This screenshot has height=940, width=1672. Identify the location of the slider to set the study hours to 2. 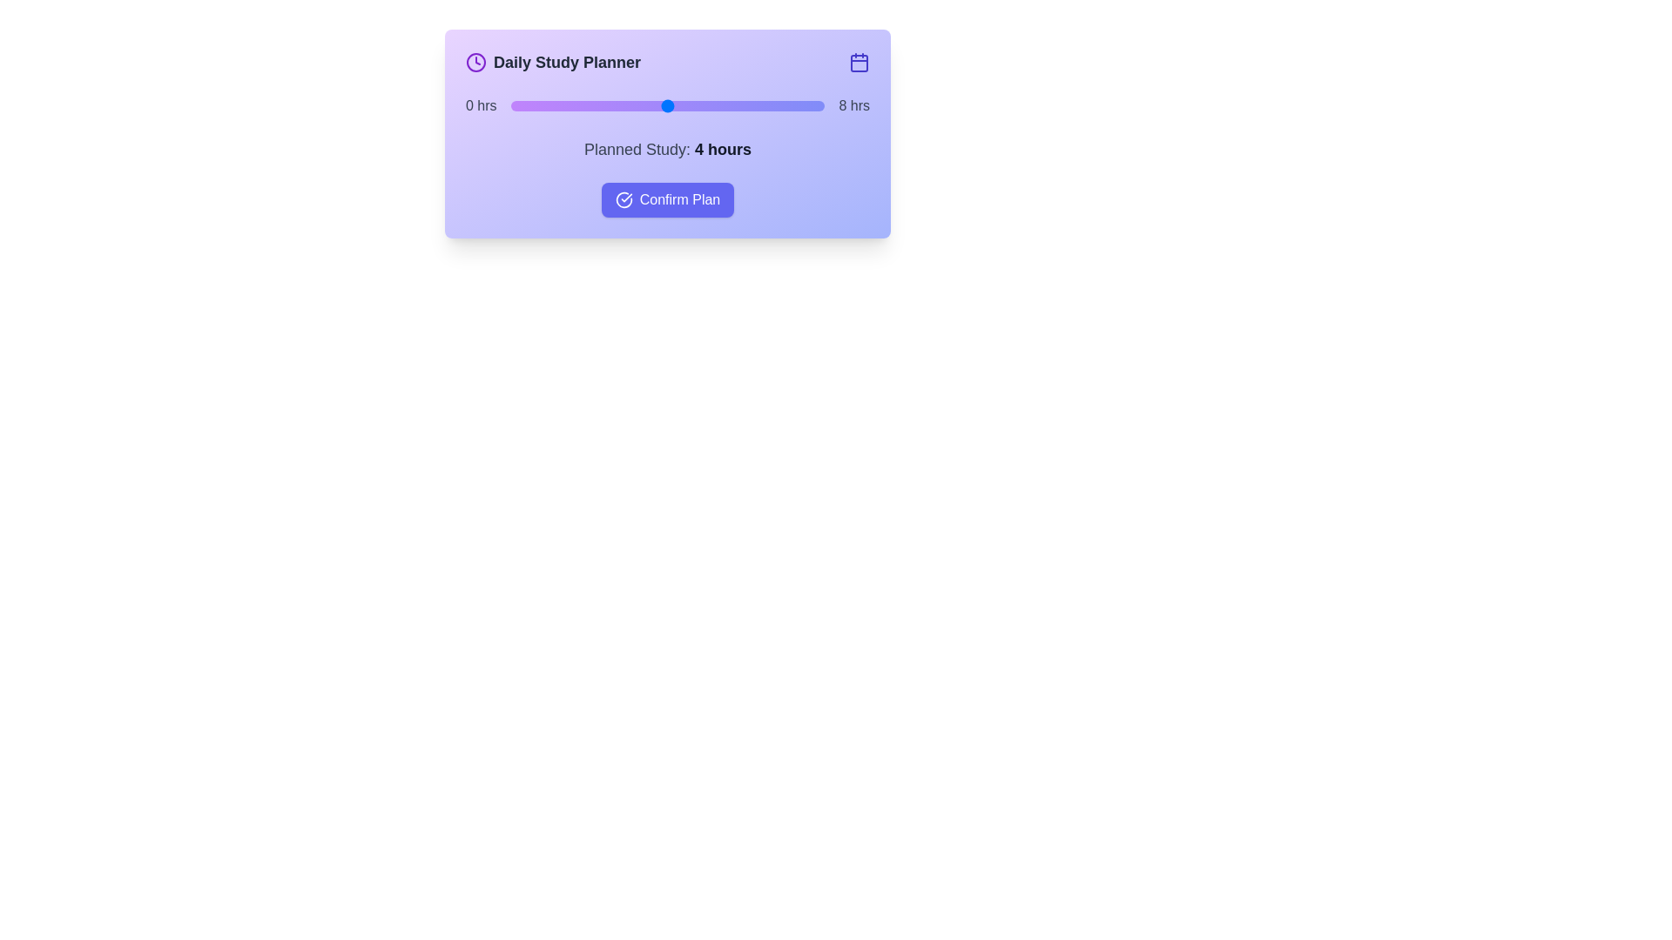
(589, 106).